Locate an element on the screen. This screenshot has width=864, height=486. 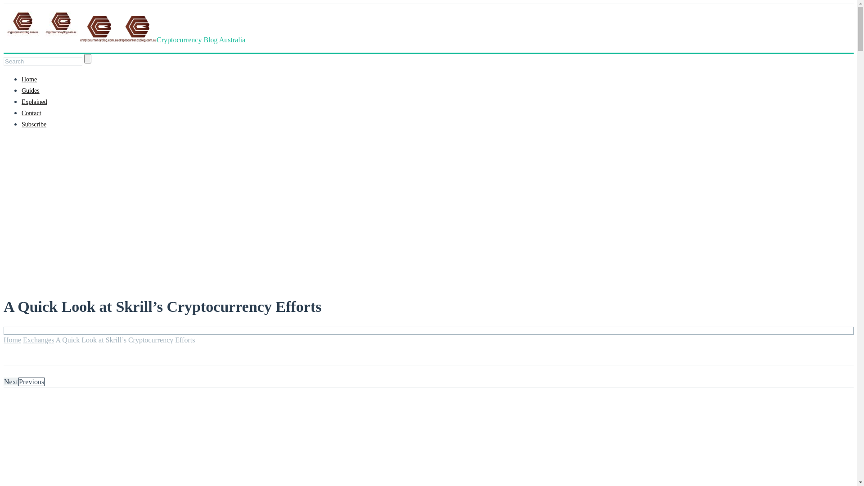
'Cryptocurrency Blog Australia' is located at coordinates (22, 22).